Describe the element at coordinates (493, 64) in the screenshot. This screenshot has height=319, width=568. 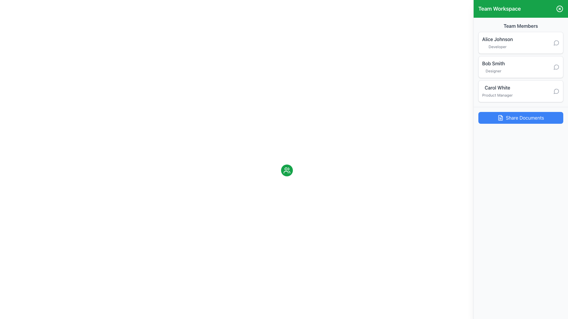
I see `the text label identifying the team member 'Bob Smith' in the 'Team Members' list located in the sidebar on the right side of the interface` at that location.